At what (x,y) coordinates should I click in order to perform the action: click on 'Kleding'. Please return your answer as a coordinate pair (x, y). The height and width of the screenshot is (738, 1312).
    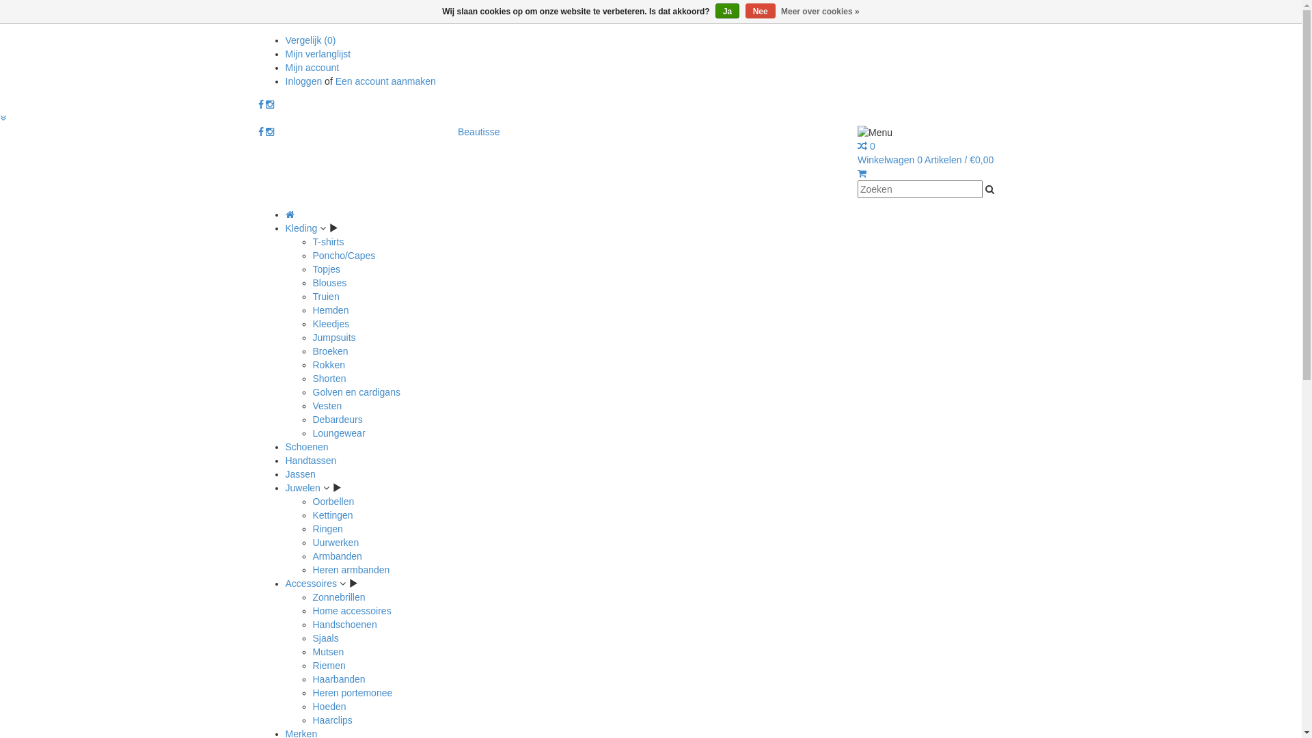
    Looking at the image, I should click on (301, 228).